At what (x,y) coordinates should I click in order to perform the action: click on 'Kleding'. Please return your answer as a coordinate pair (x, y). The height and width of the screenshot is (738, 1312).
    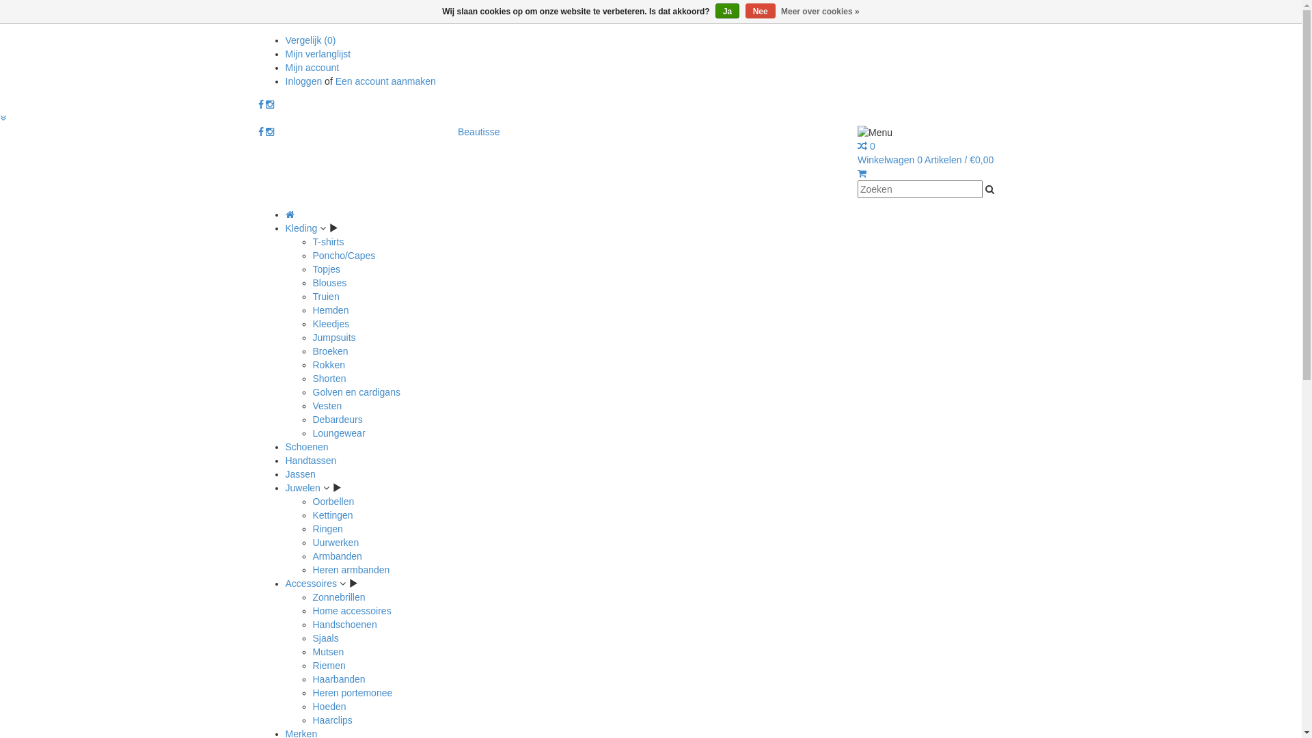
    Looking at the image, I should click on (301, 228).